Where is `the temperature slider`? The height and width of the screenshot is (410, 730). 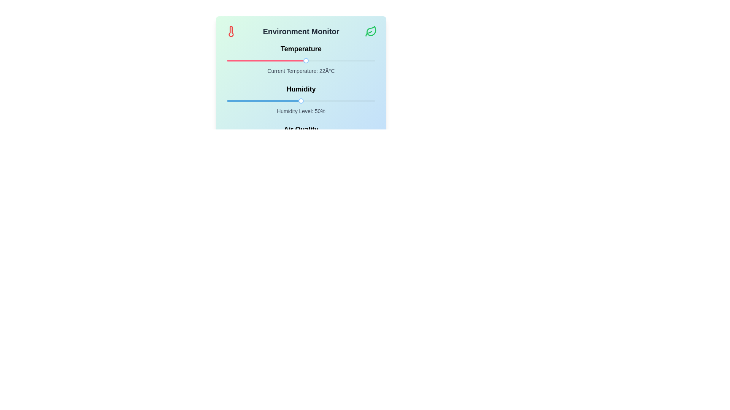 the temperature slider is located at coordinates (283, 60).